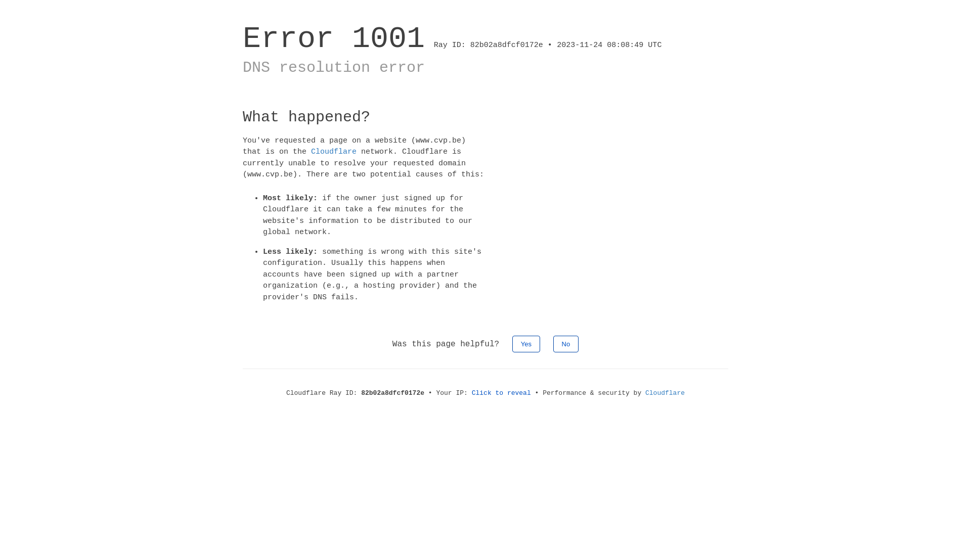 The image size is (971, 546). What do you see at coordinates (310, 152) in the screenshot?
I see `'Cloudflare'` at bounding box center [310, 152].